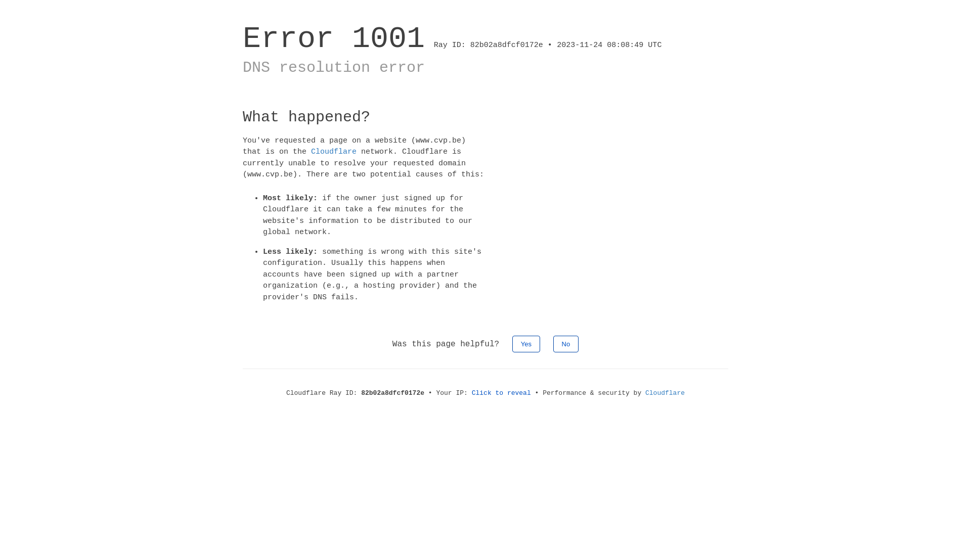 The image size is (971, 546). What do you see at coordinates (310, 152) in the screenshot?
I see `'Cloudflare'` at bounding box center [310, 152].